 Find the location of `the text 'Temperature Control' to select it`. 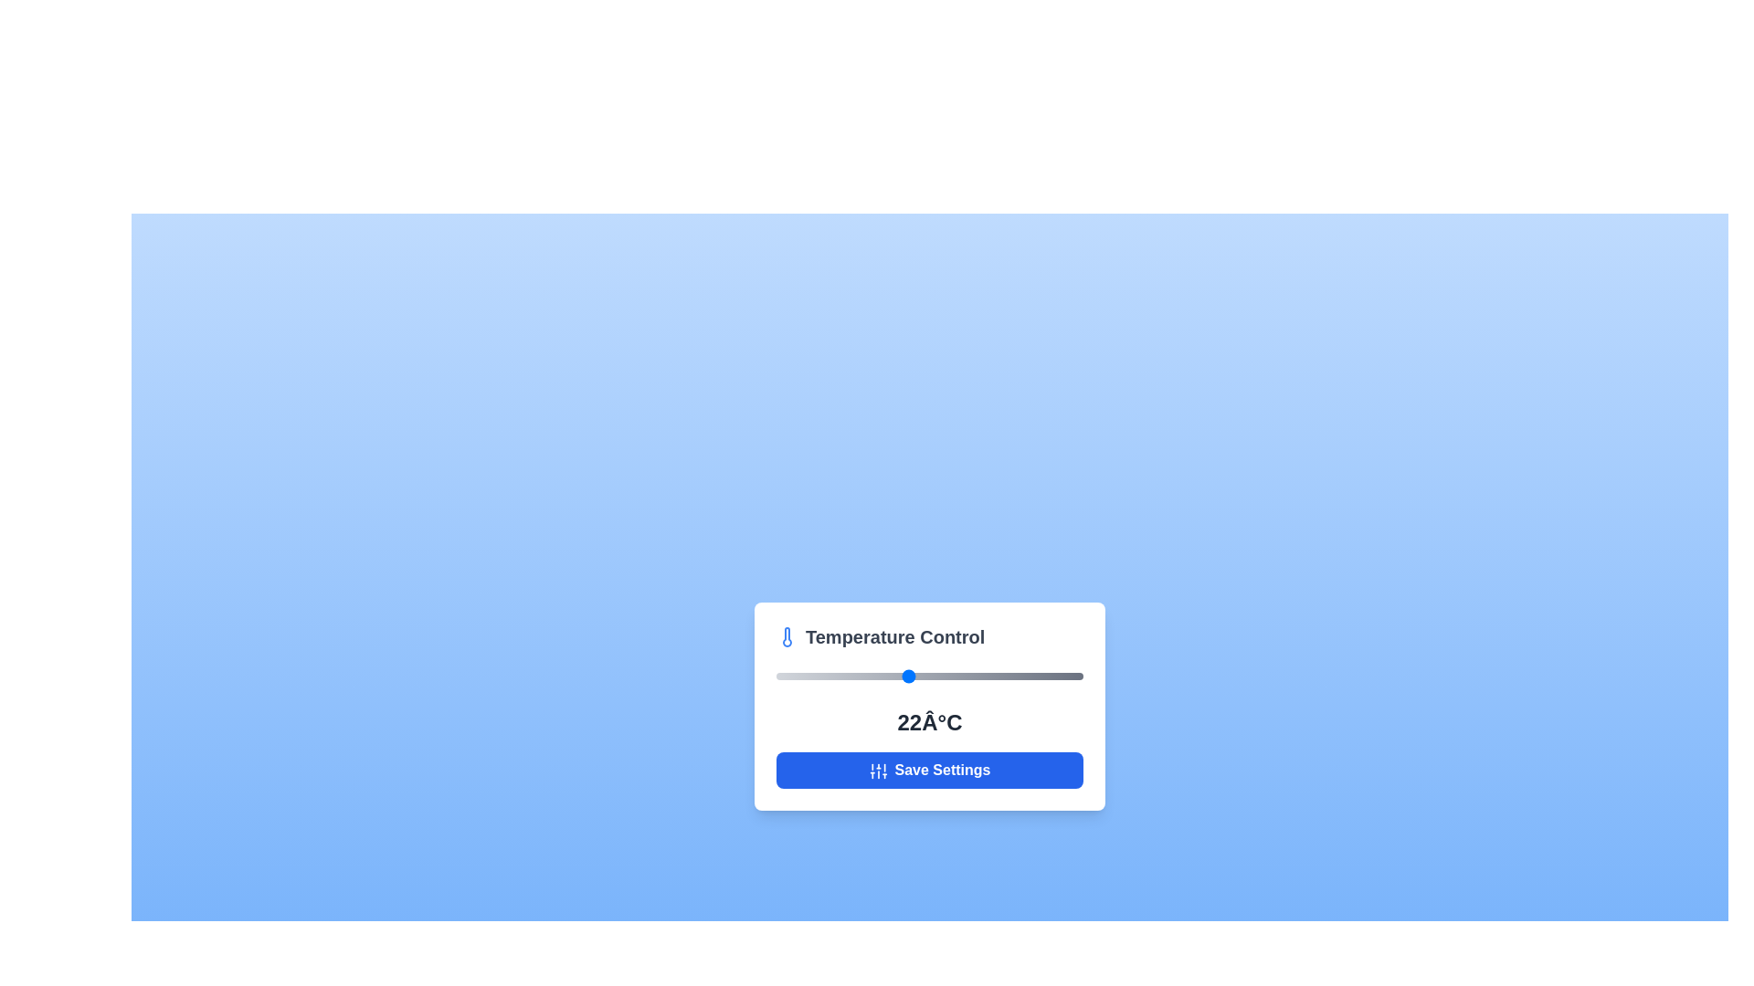

the text 'Temperature Control' to select it is located at coordinates (929, 636).